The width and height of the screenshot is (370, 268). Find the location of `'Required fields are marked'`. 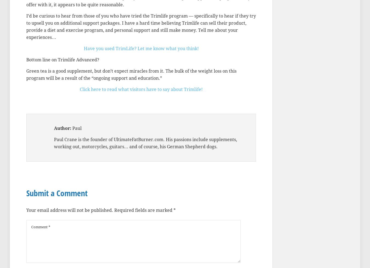

'Required fields are marked' is located at coordinates (114, 210).